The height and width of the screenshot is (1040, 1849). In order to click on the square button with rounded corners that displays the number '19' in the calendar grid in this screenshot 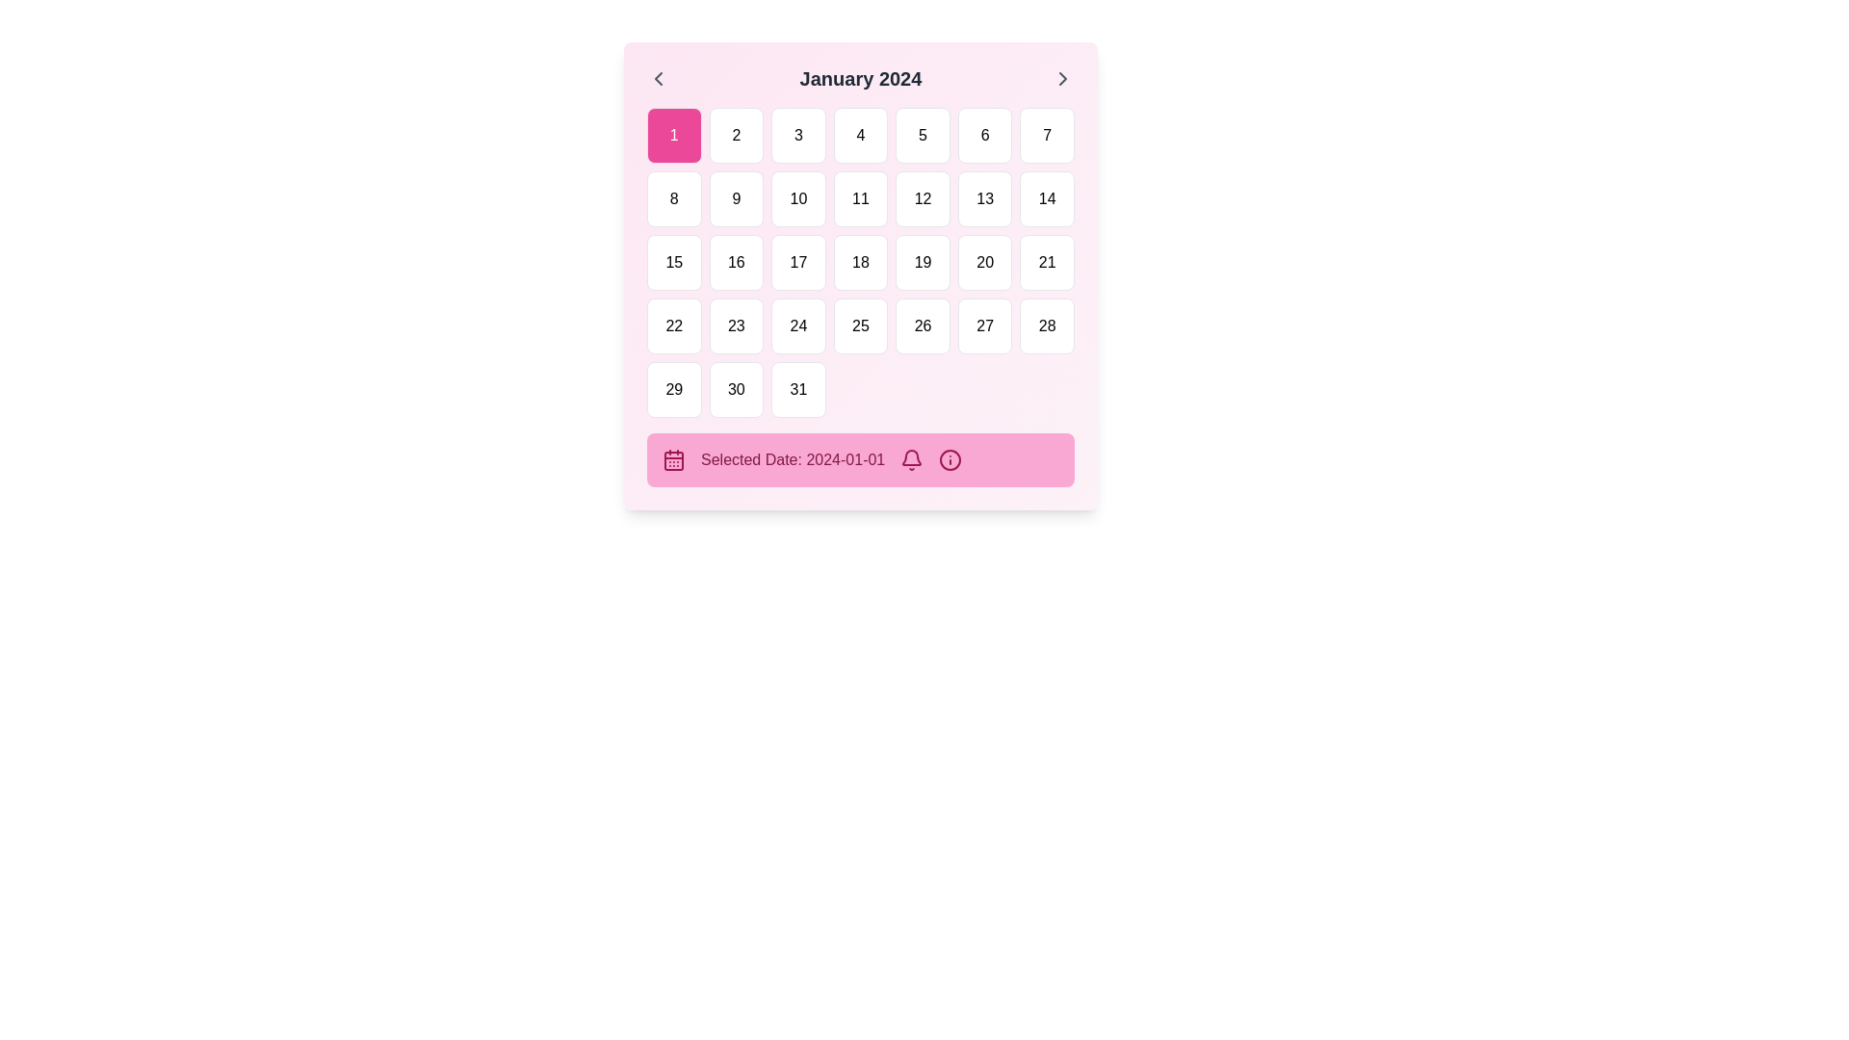, I will do `click(922, 263)`.